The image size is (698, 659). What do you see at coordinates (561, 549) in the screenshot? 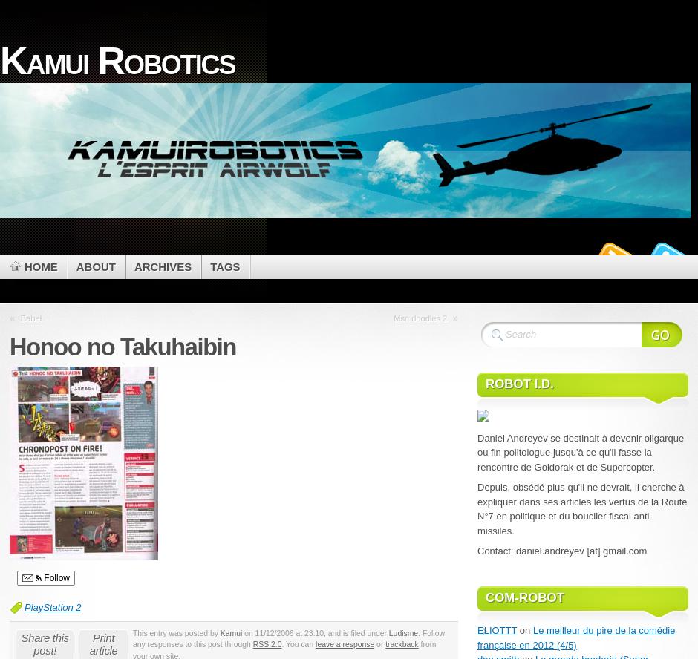
I see `'Contact: daniel.andreyev [at] gmail.com'` at bounding box center [561, 549].